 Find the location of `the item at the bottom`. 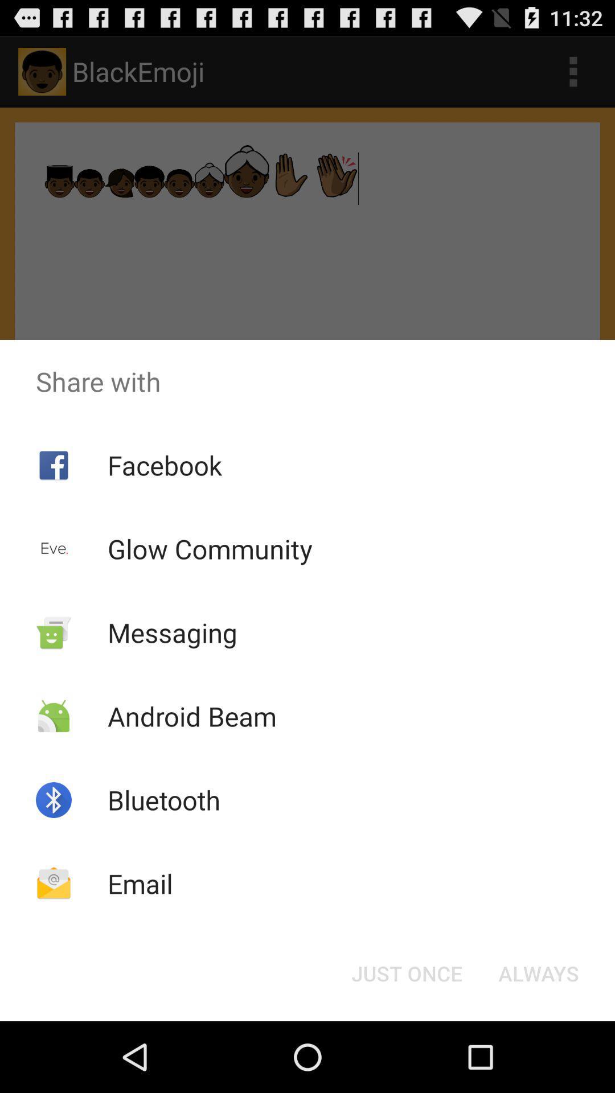

the item at the bottom is located at coordinates (406, 972).